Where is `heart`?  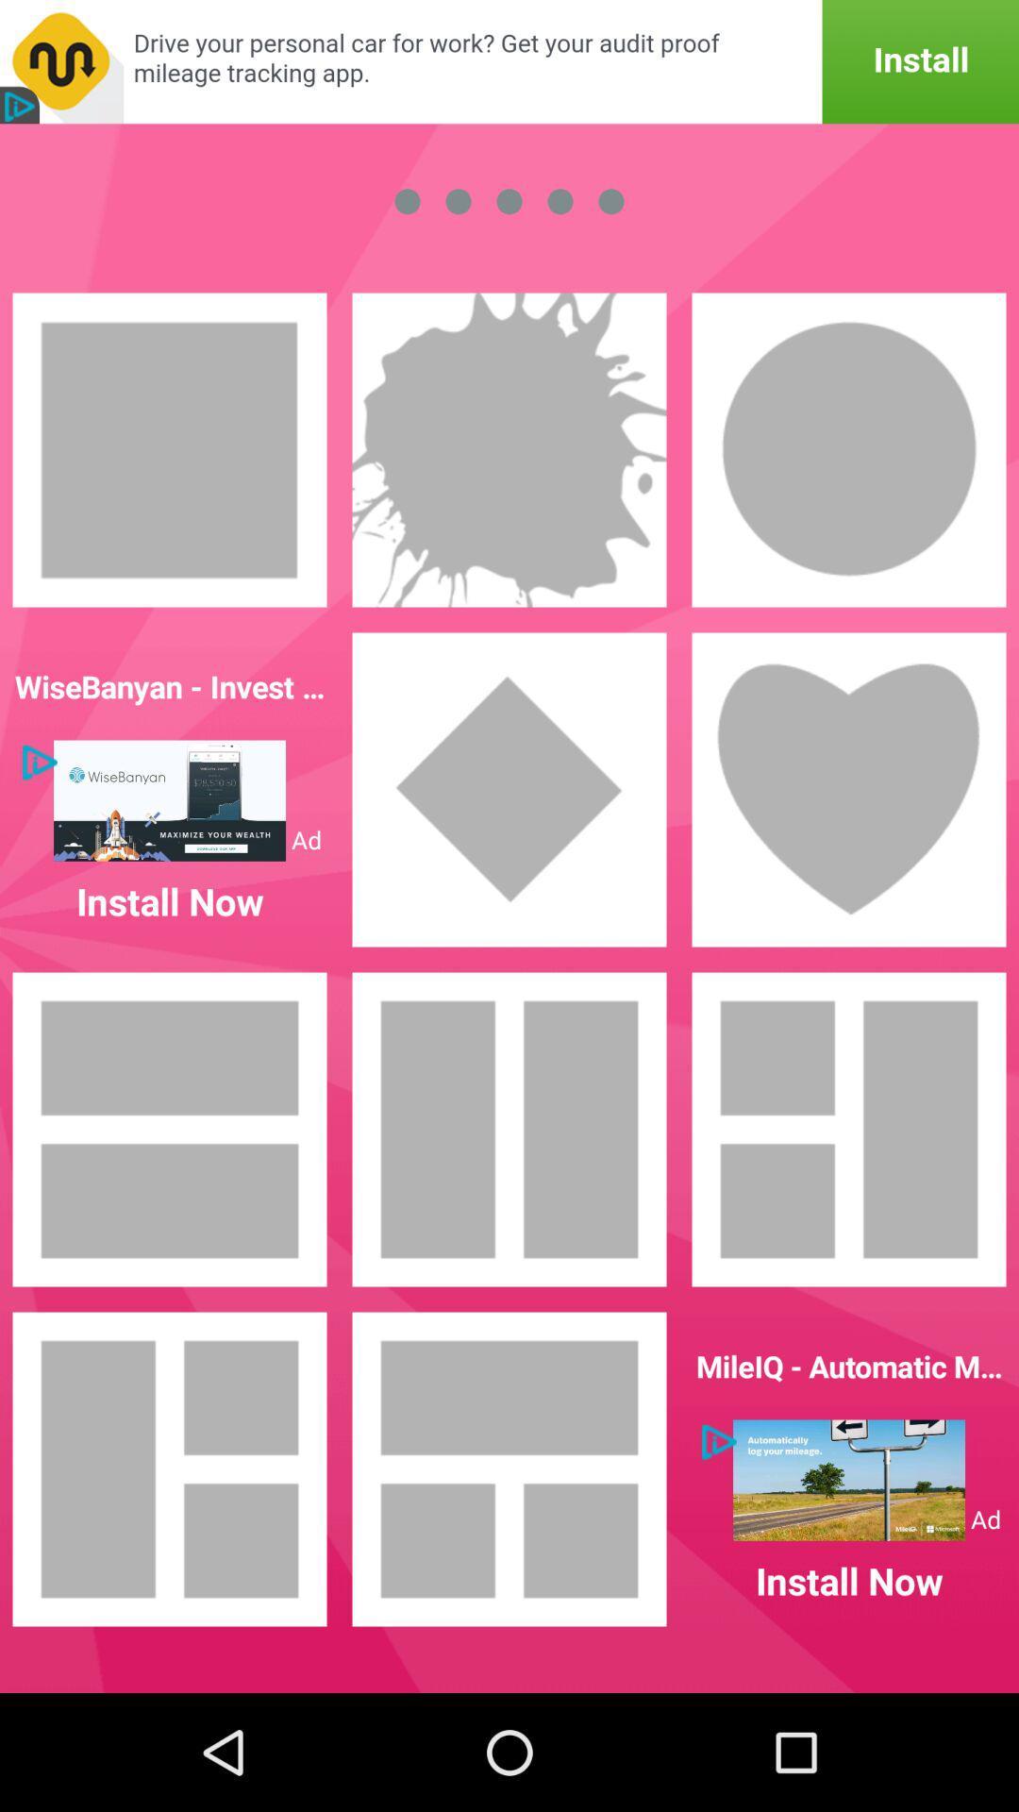 heart is located at coordinates (847, 789).